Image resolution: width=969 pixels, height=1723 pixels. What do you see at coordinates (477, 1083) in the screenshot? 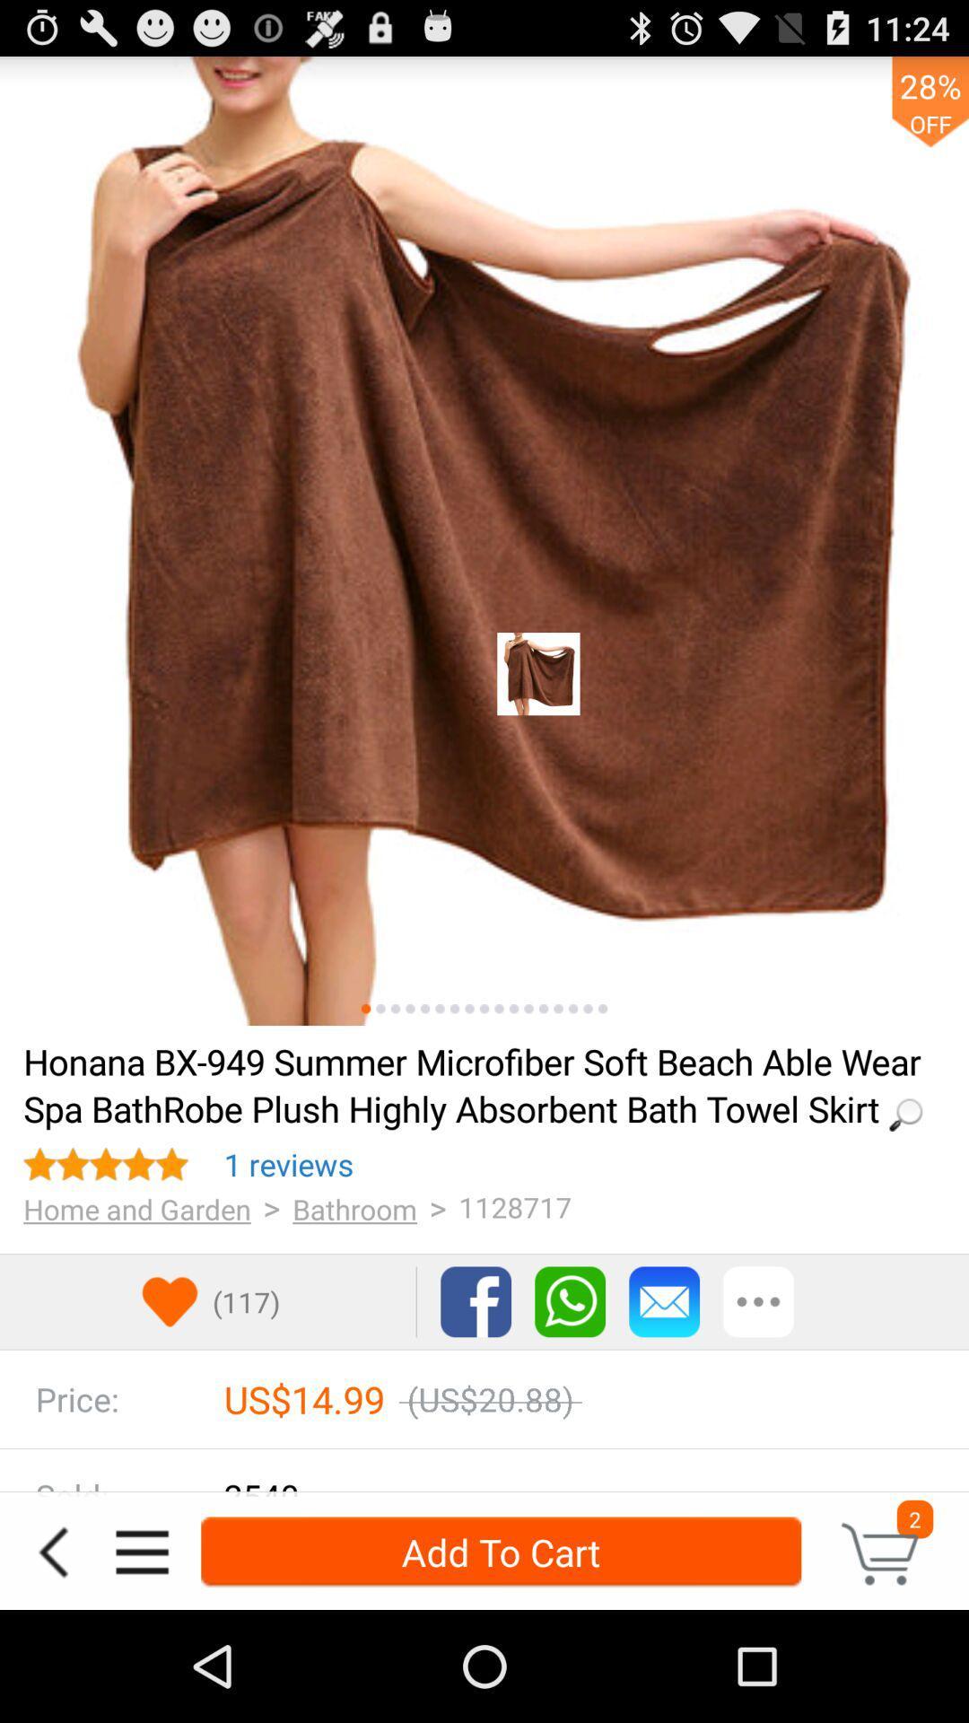
I see `the loading...` at bounding box center [477, 1083].